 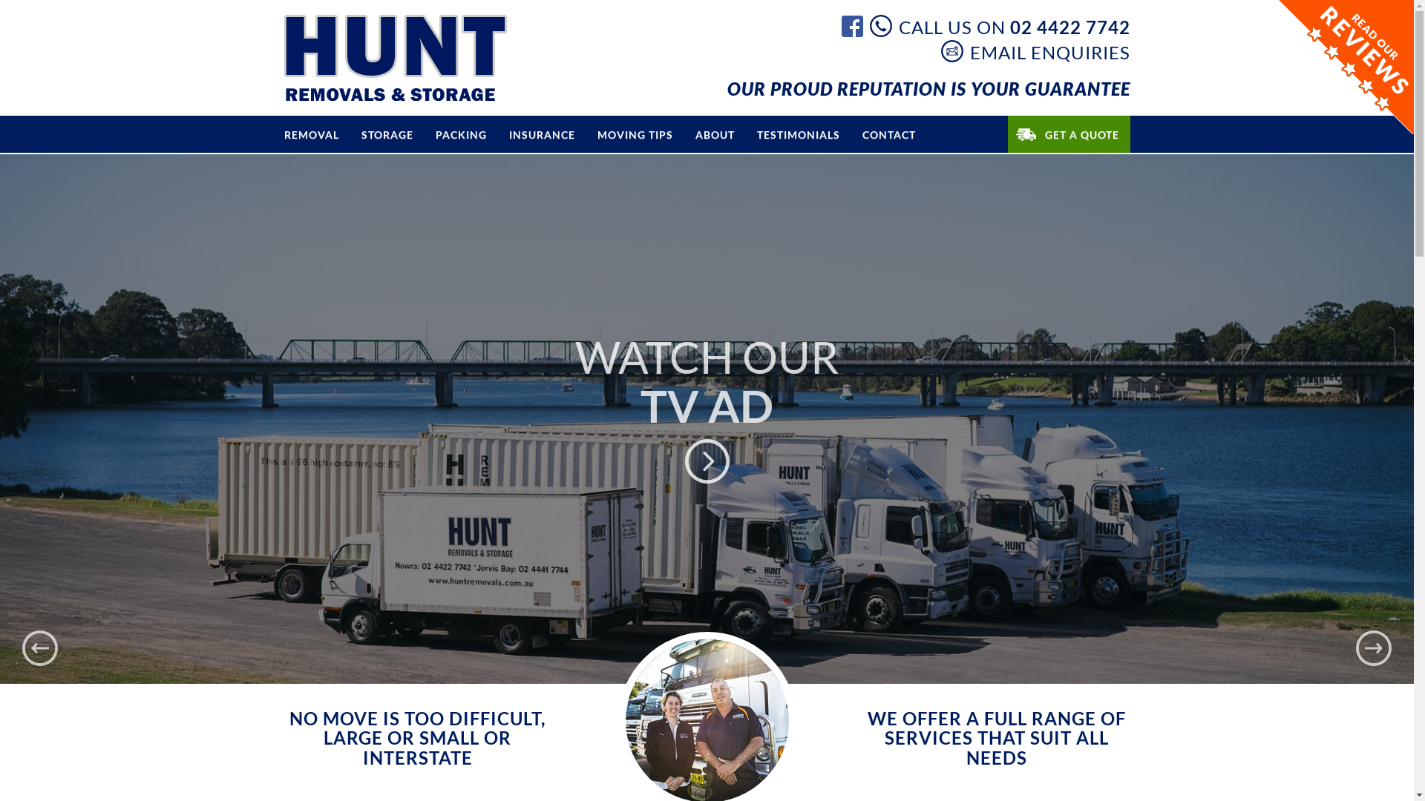 I want to click on 'EMAIL ENQUIRIES', so click(x=1035, y=50).